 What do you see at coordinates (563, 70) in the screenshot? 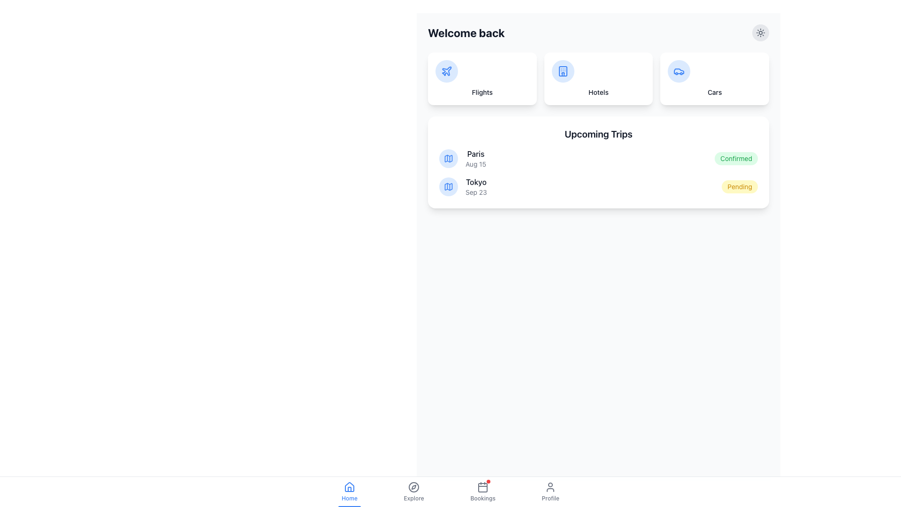
I see `the 'Hotels' icon located within the top-center card labeled 'Hotels', which is part of the main options displayed horizontally` at bounding box center [563, 70].